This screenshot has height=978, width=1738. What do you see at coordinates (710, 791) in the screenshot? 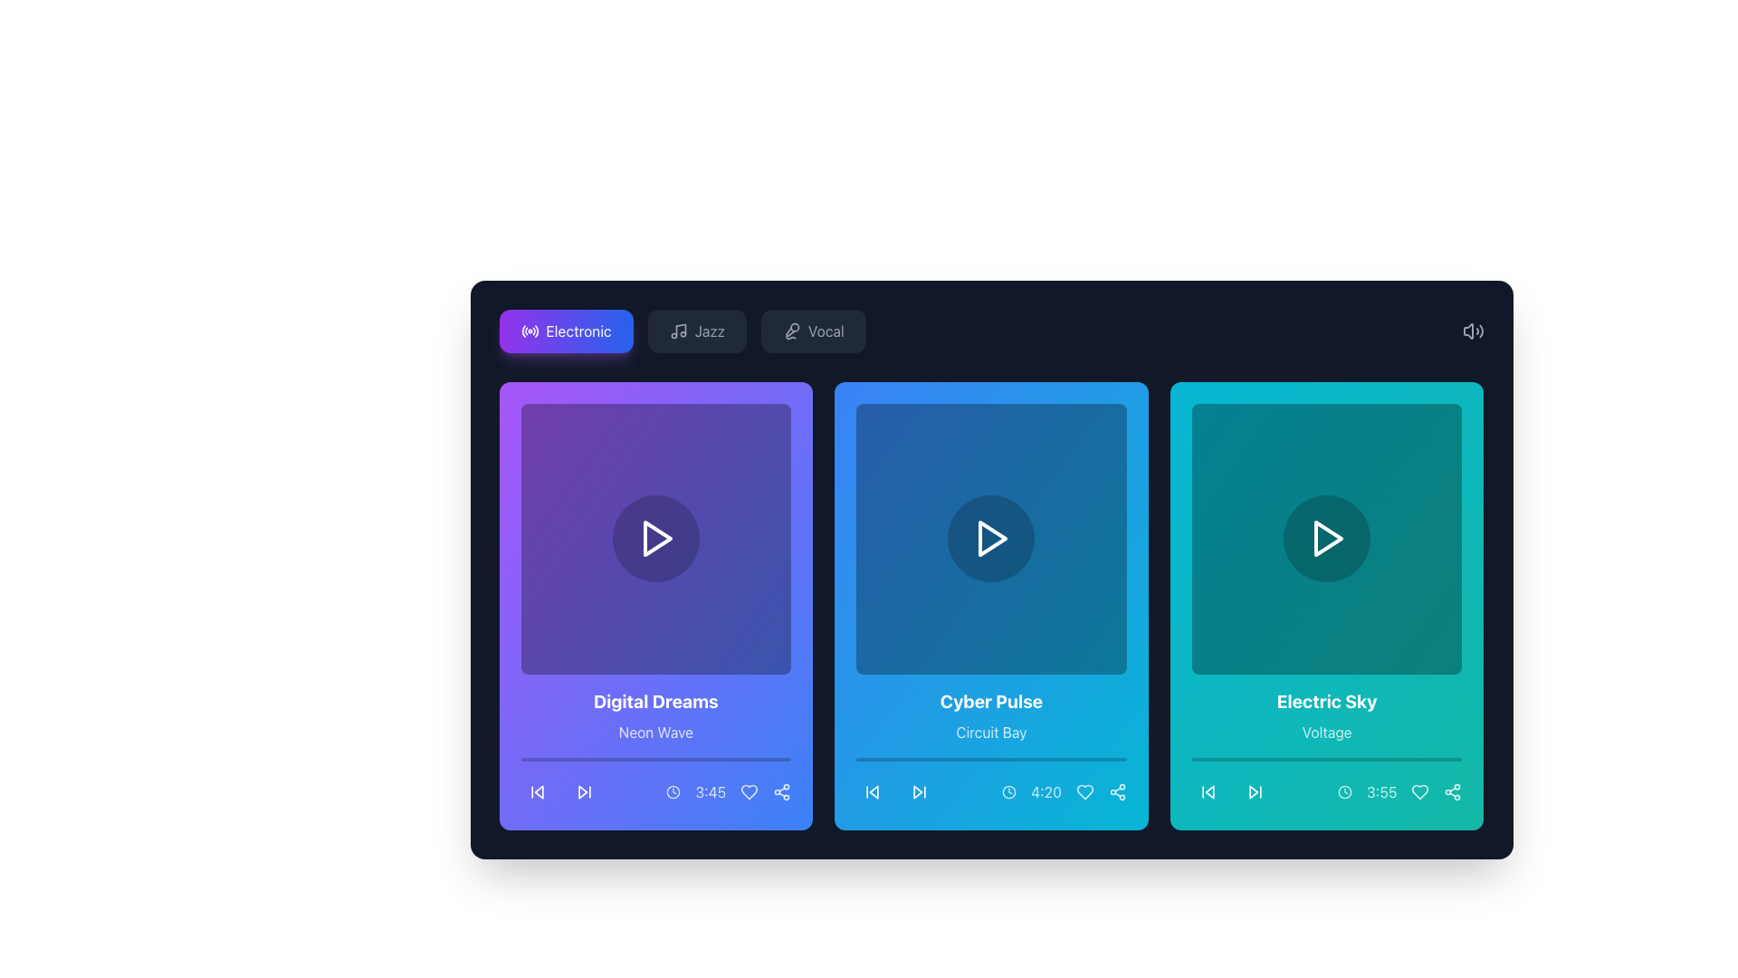
I see `the text label displaying the time '3:45'` at bounding box center [710, 791].